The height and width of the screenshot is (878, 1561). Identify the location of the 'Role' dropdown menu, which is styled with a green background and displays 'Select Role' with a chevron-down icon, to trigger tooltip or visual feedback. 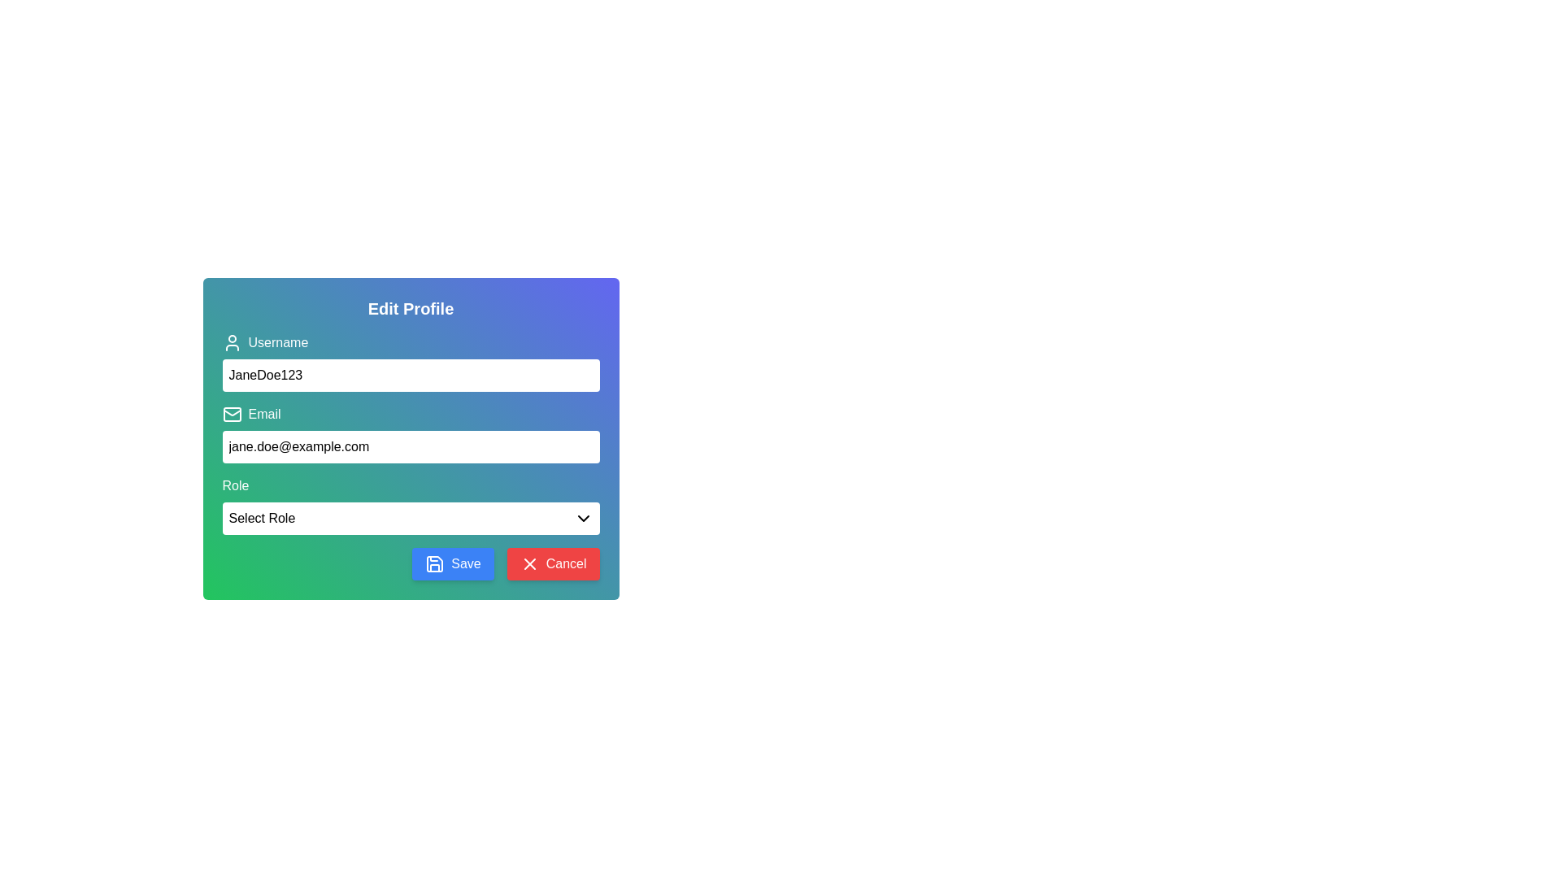
(411, 504).